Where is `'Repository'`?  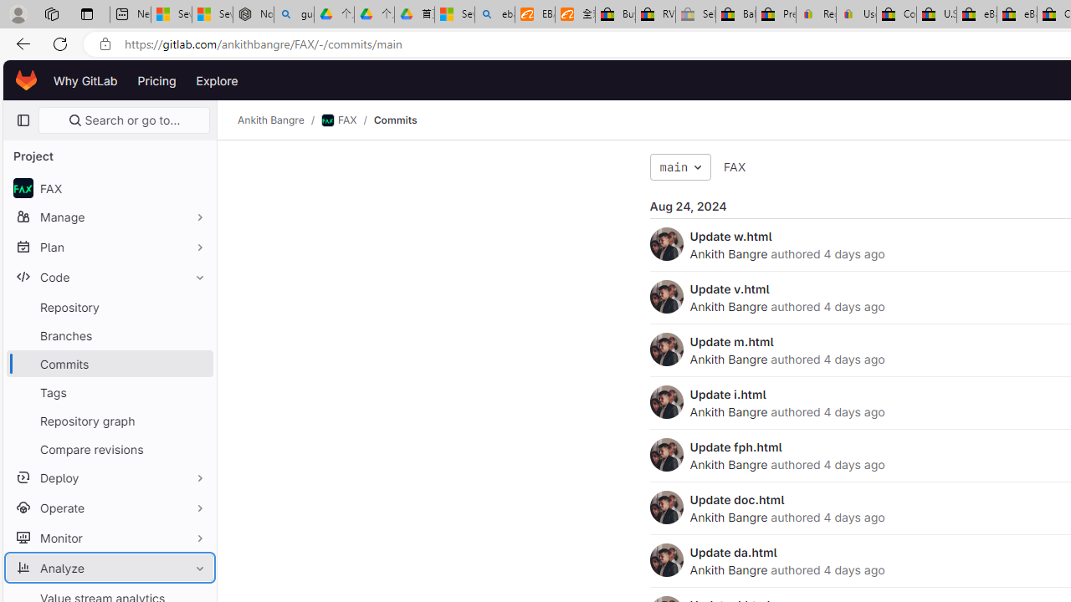
'Repository' is located at coordinates (109, 307).